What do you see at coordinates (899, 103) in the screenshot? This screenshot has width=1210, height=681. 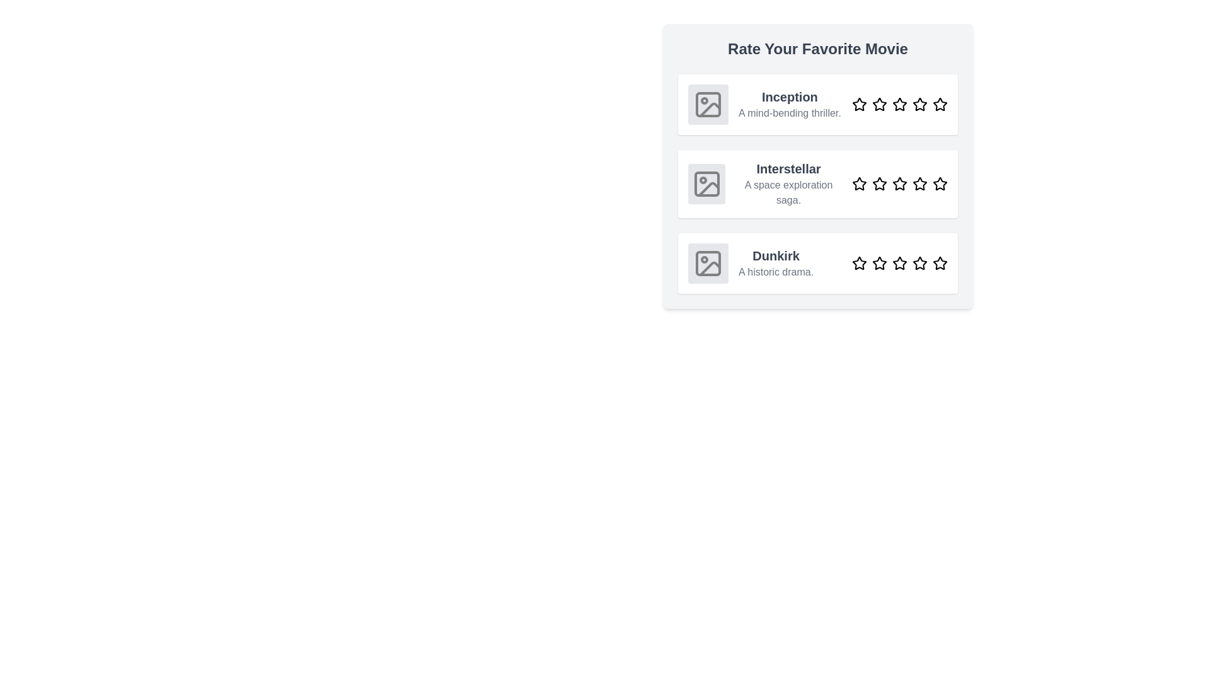 I see `the third star button in the rating system for the movie 'Inception'` at bounding box center [899, 103].